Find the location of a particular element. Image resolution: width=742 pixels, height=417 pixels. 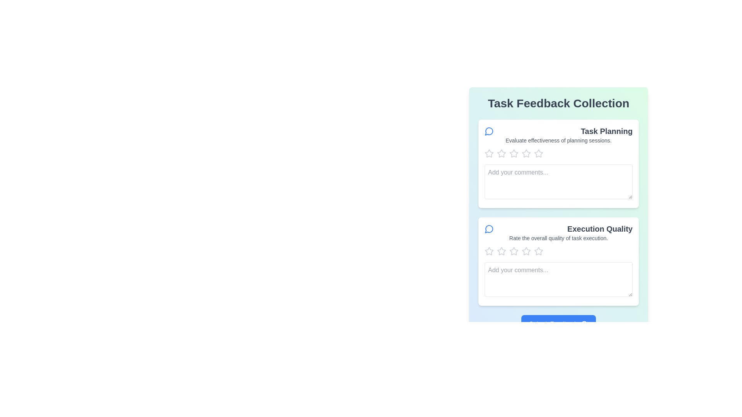

the circular message icon within the 'Execution Quality' feedback category, which features a speech bubble with a tail, located in the second row of the 'Task Feedback Collection' interface is located at coordinates (488, 229).